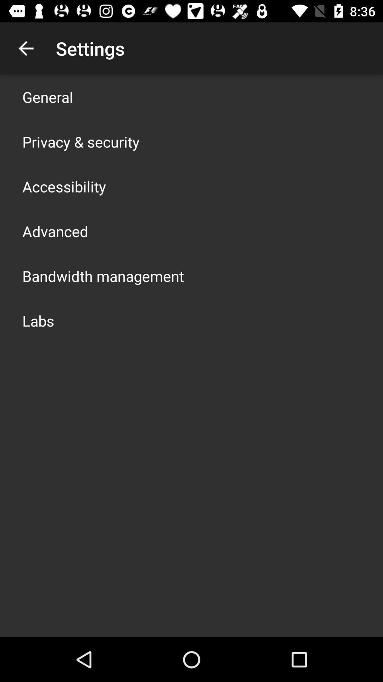 The width and height of the screenshot is (383, 682). Describe the element at coordinates (103, 276) in the screenshot. I see `app below advanced` at that location.